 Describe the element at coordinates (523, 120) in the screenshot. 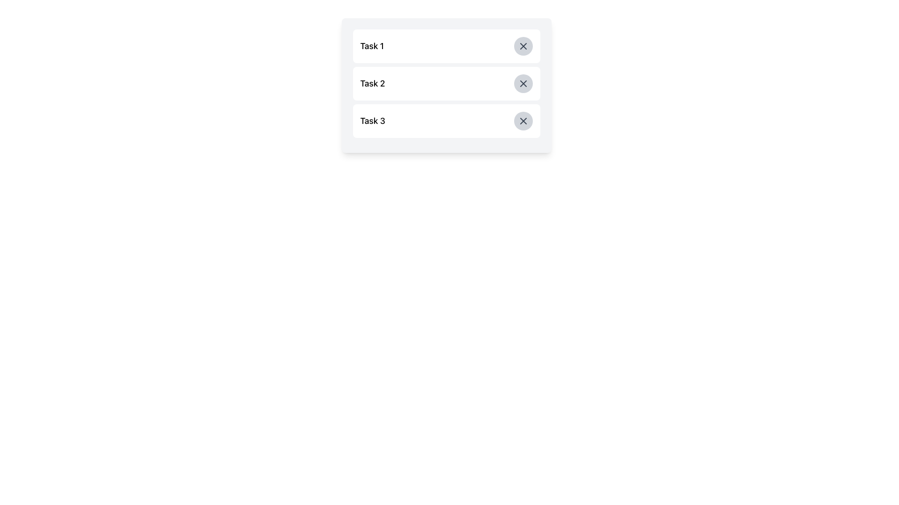

I see `the delete button associated with 'Task 3'` at that location.